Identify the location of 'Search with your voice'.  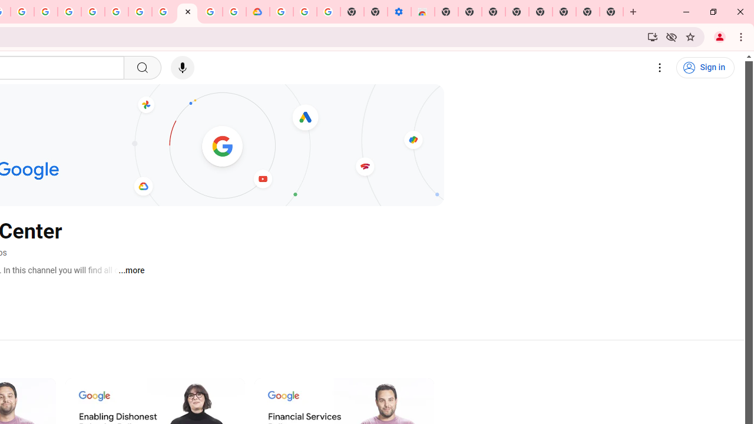
(181, 68).